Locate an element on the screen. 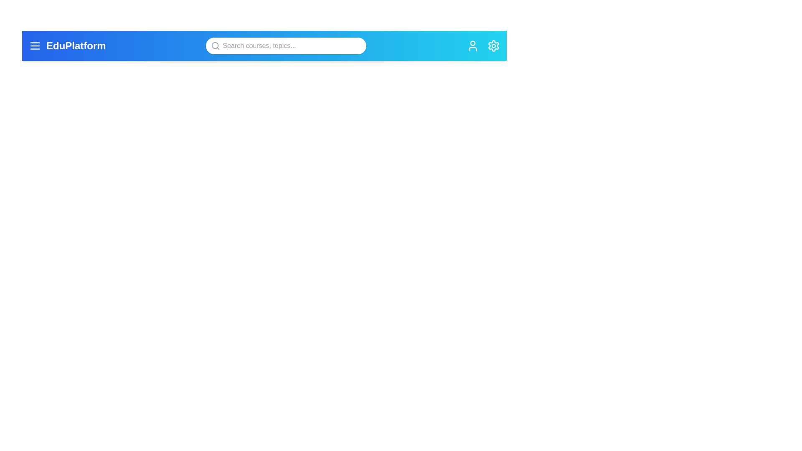  the search icon to observe its tooltip or effect is located at coordinates (215, 46).